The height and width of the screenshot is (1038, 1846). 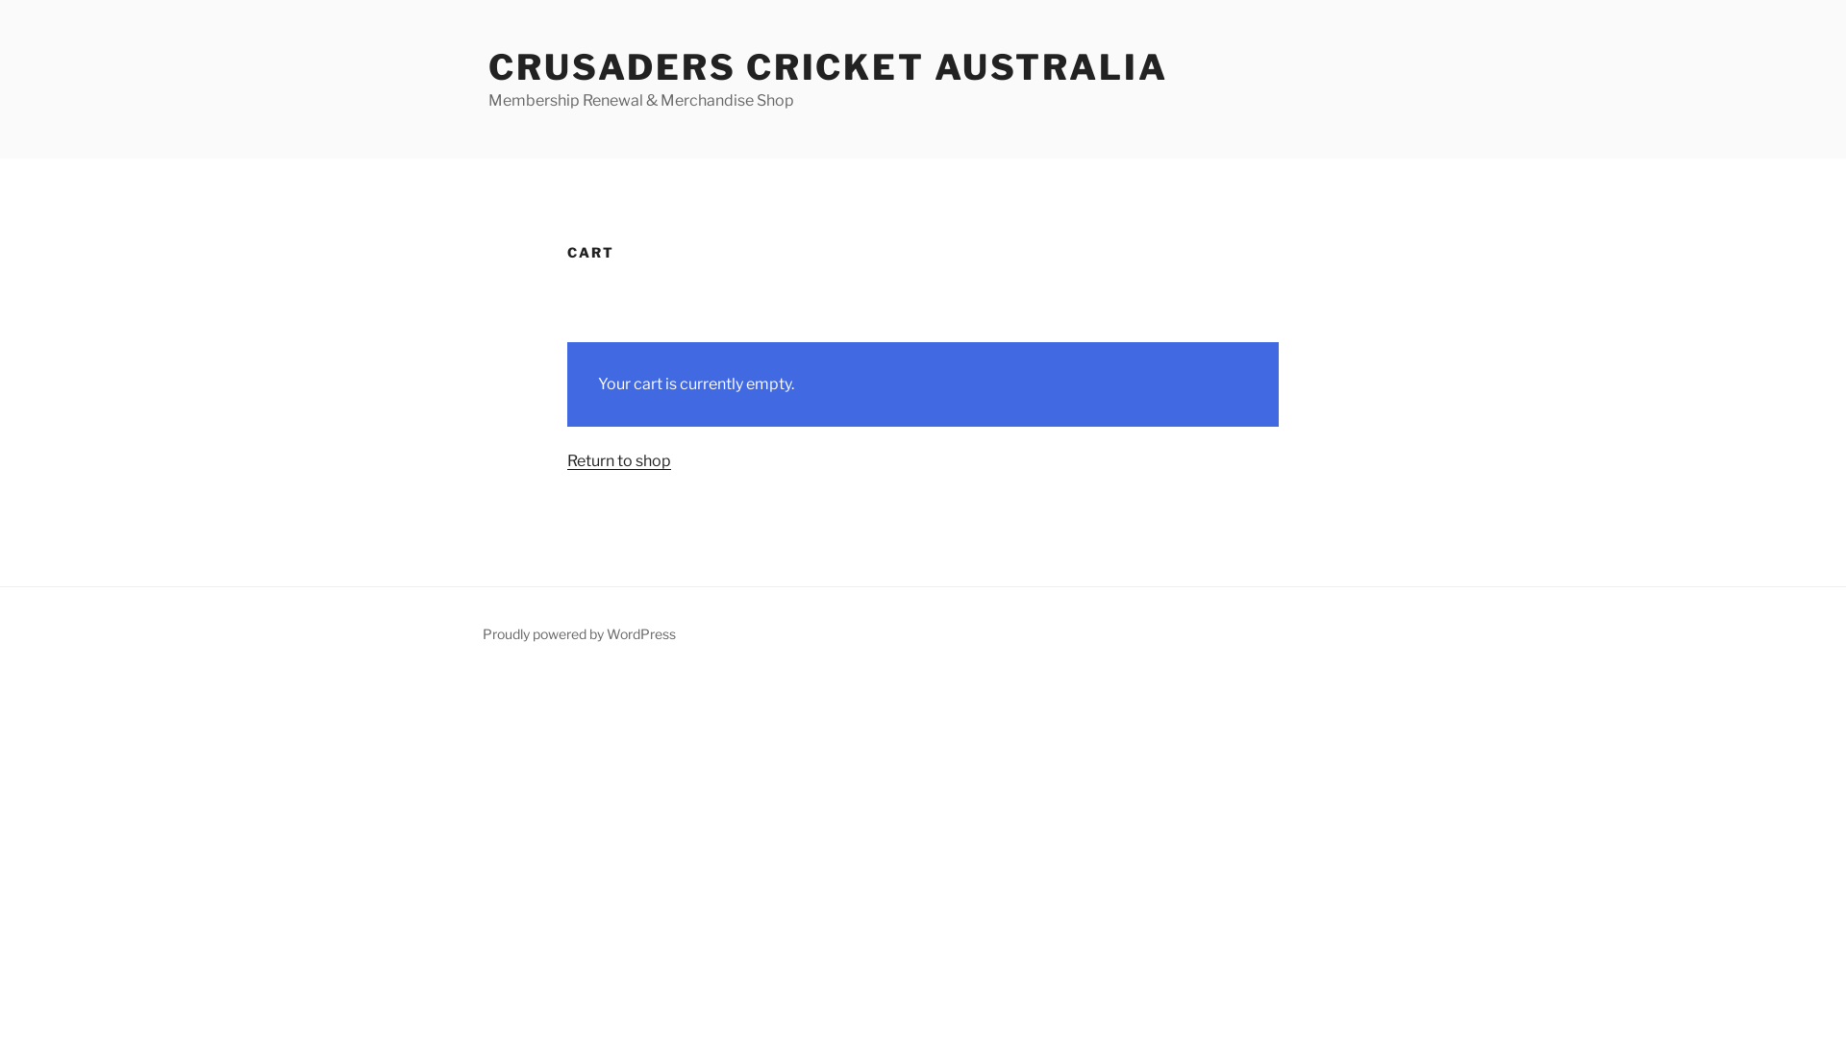 I want to click on 'Proudly powered by WordPress', so click(x=578, y=633).